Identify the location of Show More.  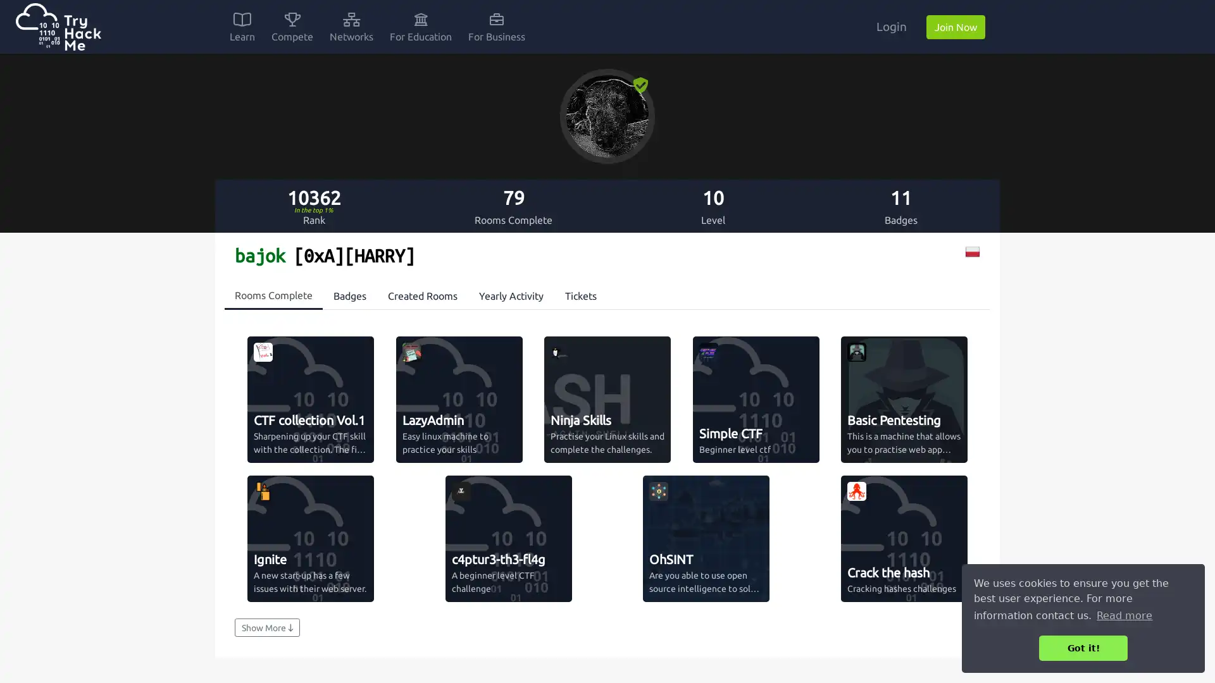
(266, 627).